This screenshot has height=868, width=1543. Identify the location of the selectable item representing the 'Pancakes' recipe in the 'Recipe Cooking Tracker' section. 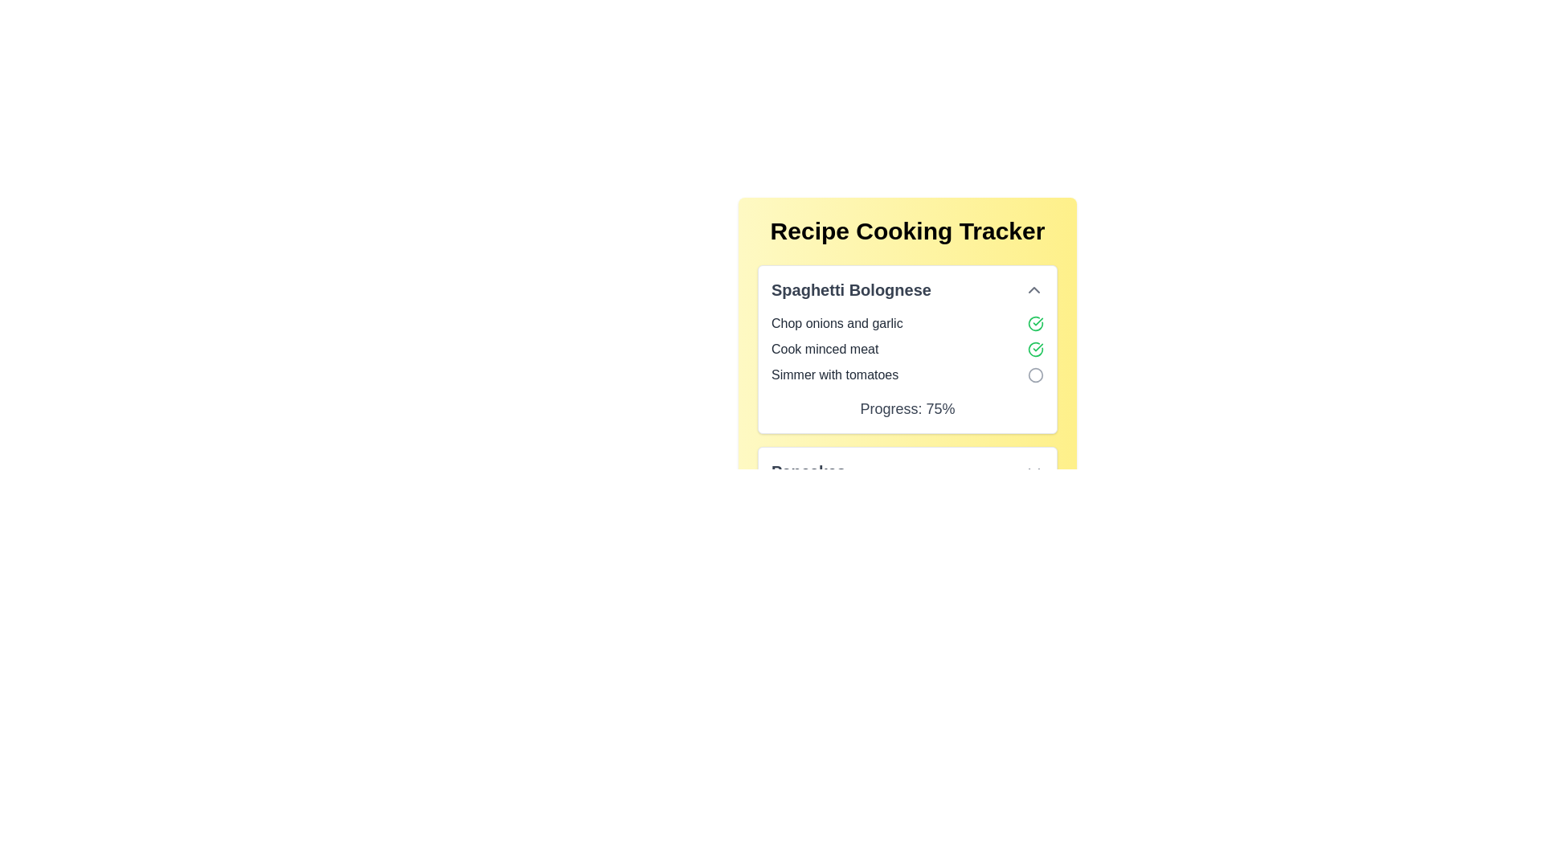
(907, 470).